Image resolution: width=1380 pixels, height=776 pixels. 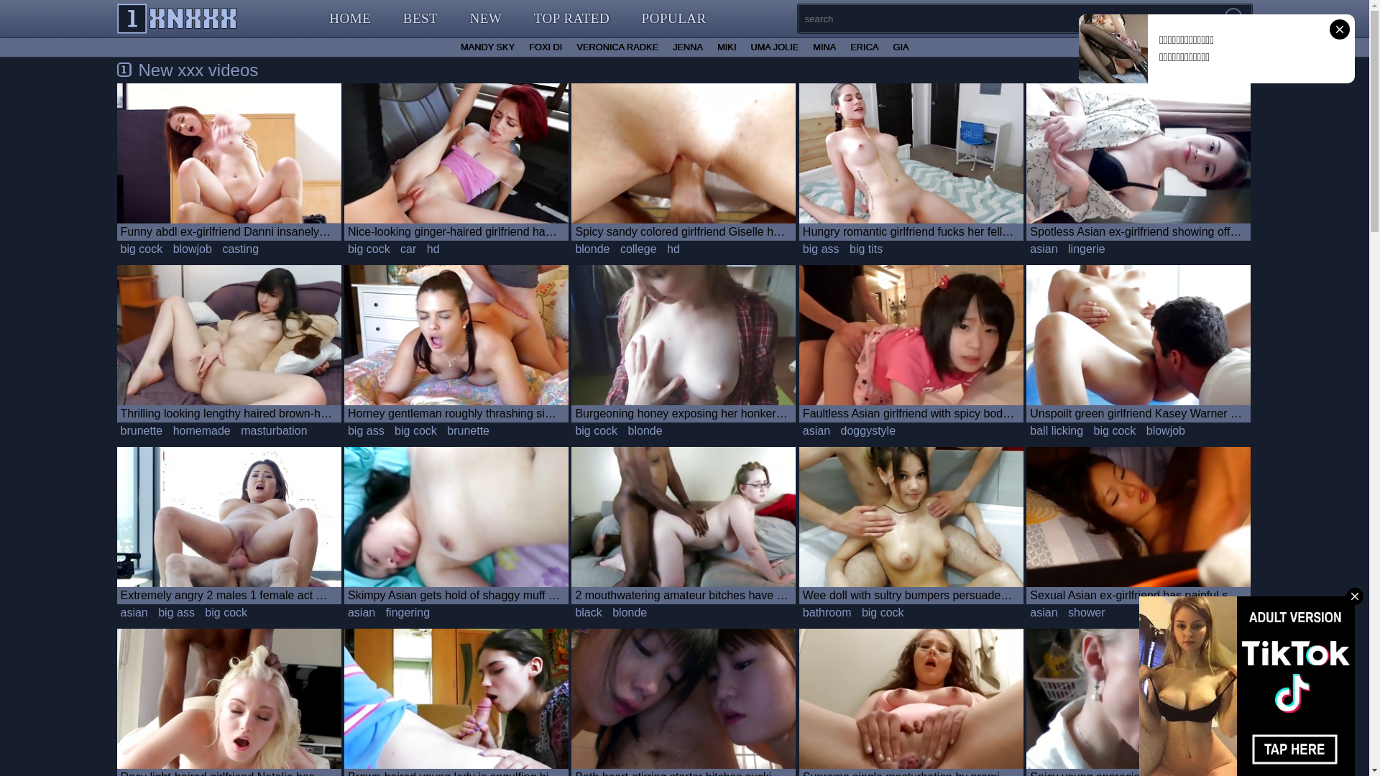 What do you see at coordinates (201, 430) in the screenshot?
I see `'homemade'` at bounding box center [201, 430].